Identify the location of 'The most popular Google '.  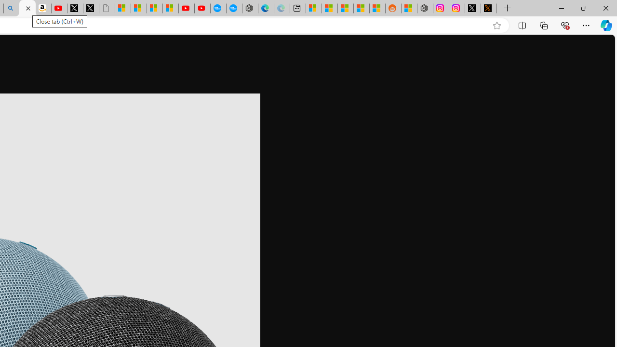
(234, 8).